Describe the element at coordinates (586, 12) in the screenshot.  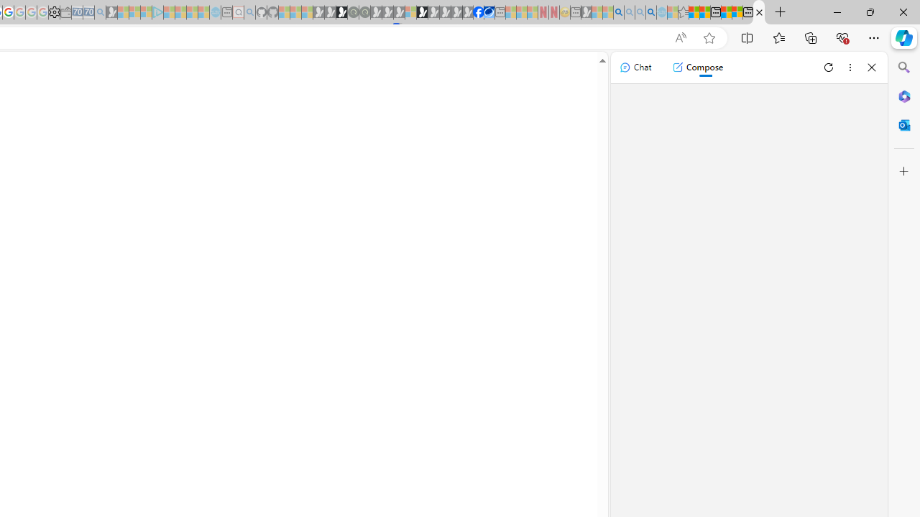
I see `'MSN - Sleeping'` at that location.